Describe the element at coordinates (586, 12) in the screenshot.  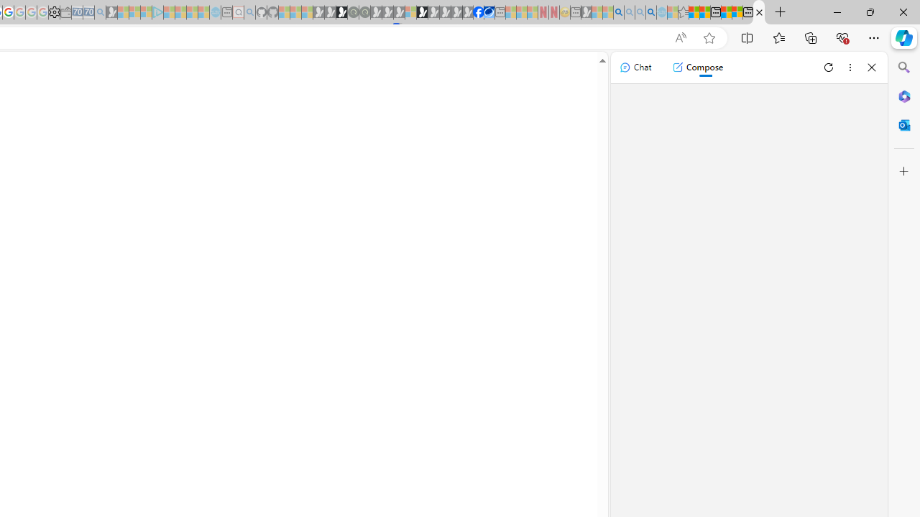
I see `'MSN - Sleeping'` at that location.